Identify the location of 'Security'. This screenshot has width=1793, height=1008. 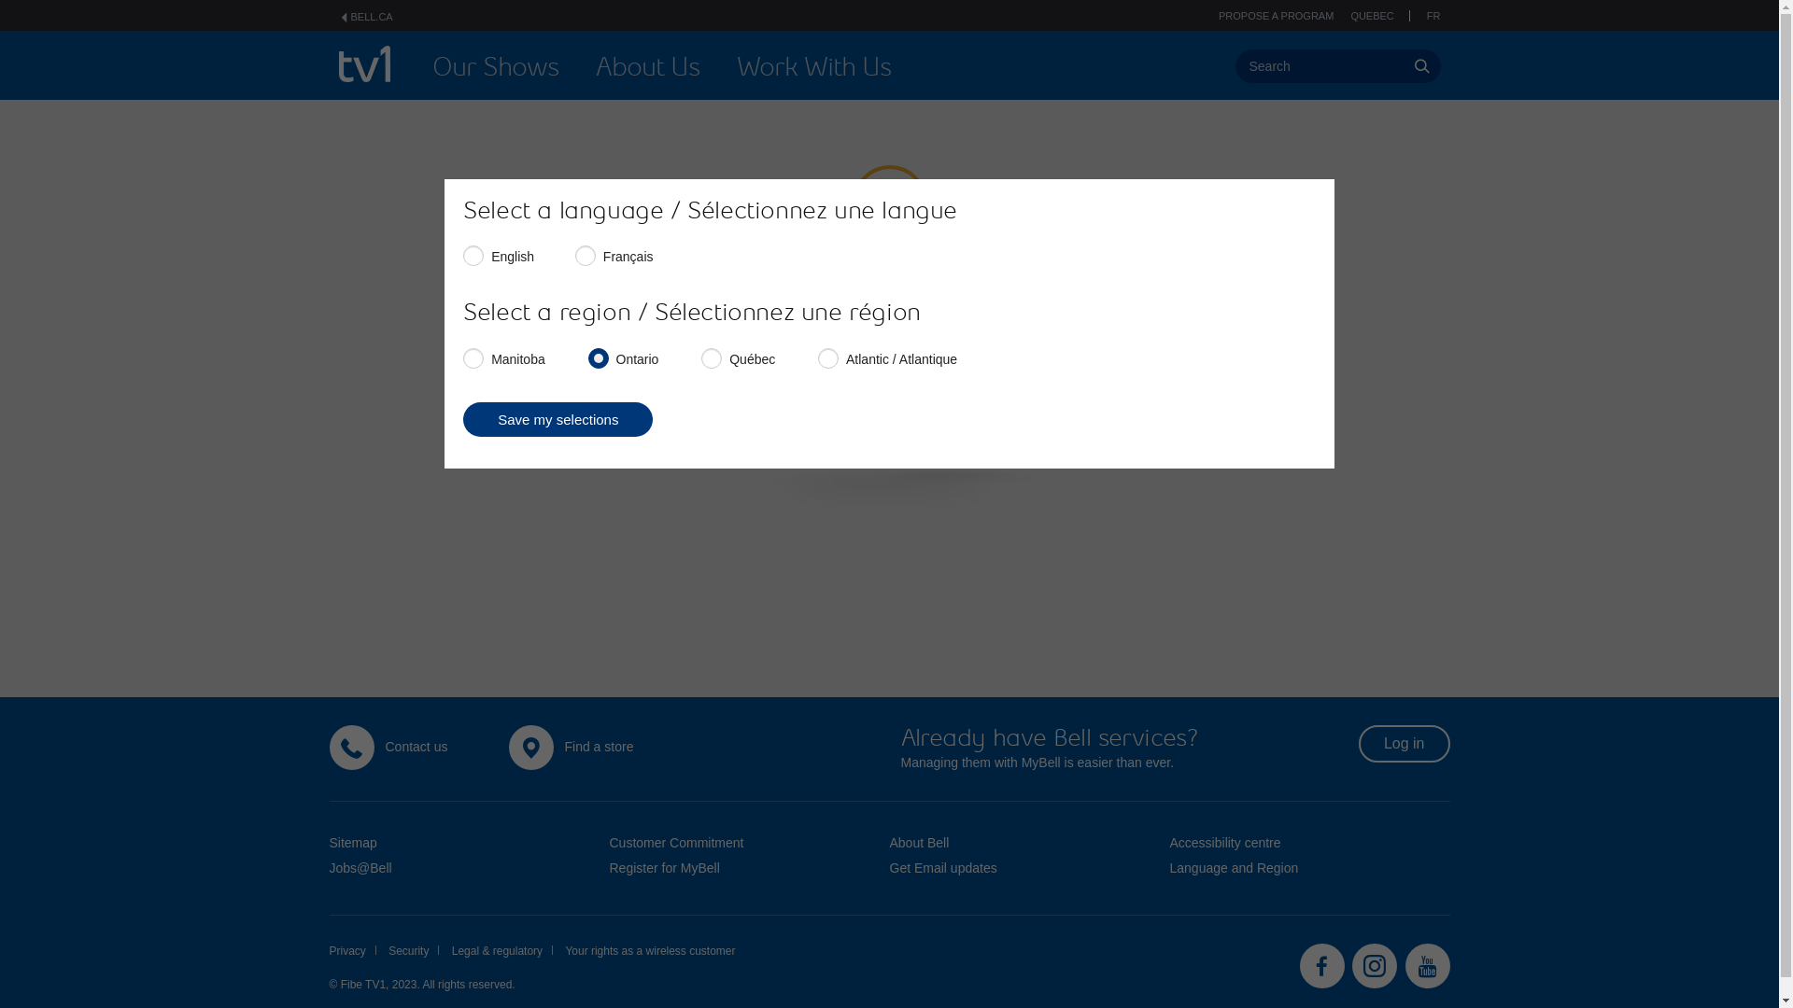
(412, 951).